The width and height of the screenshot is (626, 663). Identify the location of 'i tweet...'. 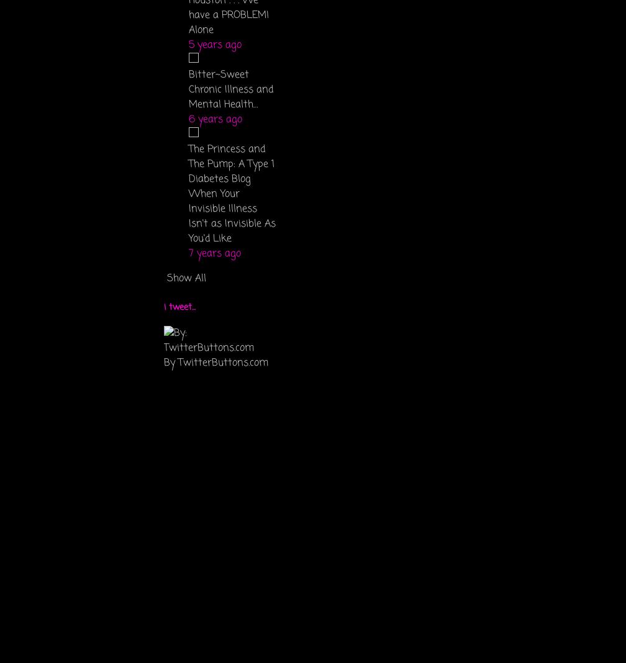
(163, 307).